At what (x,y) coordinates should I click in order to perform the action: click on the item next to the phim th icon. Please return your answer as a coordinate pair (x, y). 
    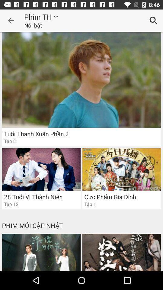
    Looking at the image, I should click on (11, 21).